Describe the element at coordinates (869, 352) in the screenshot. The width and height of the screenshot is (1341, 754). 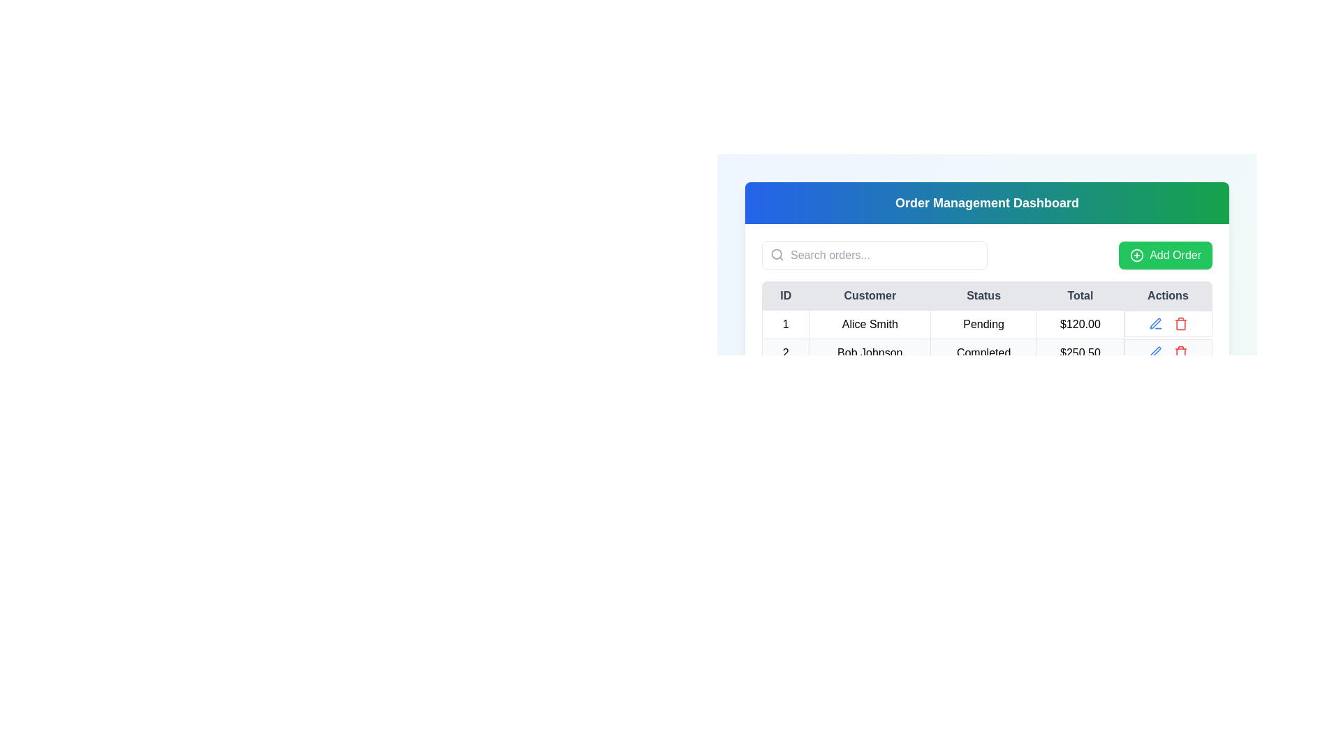
I see `the label that identifies the customer's name 'Alice Smith' in the second row of the table under the 'Customer' column` at that location.